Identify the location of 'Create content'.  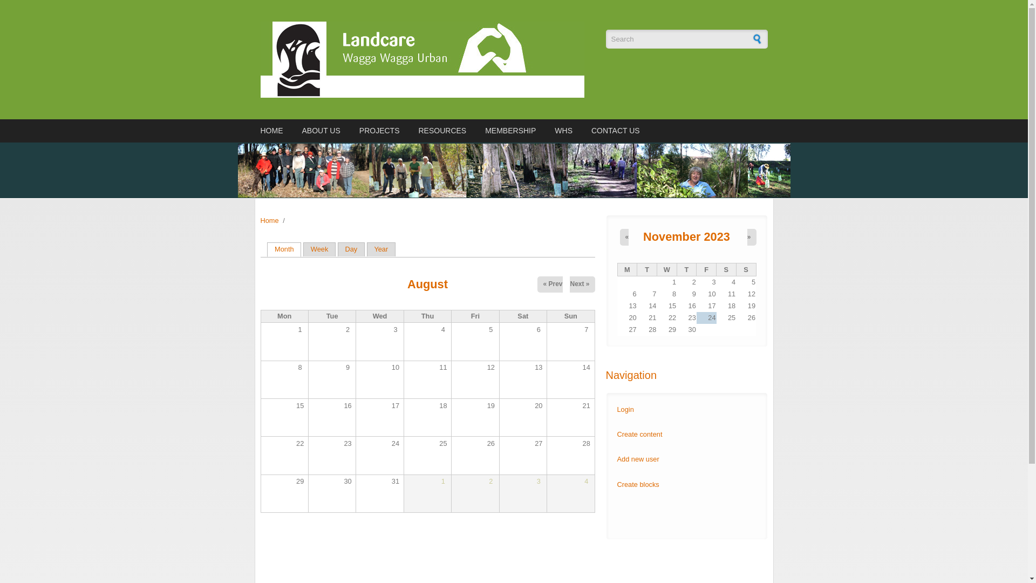
(639, 433).